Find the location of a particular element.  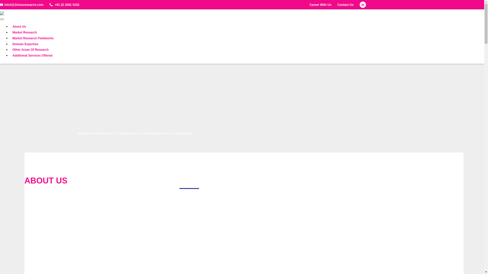

'Market Research' is located at coordinates (24, 32).